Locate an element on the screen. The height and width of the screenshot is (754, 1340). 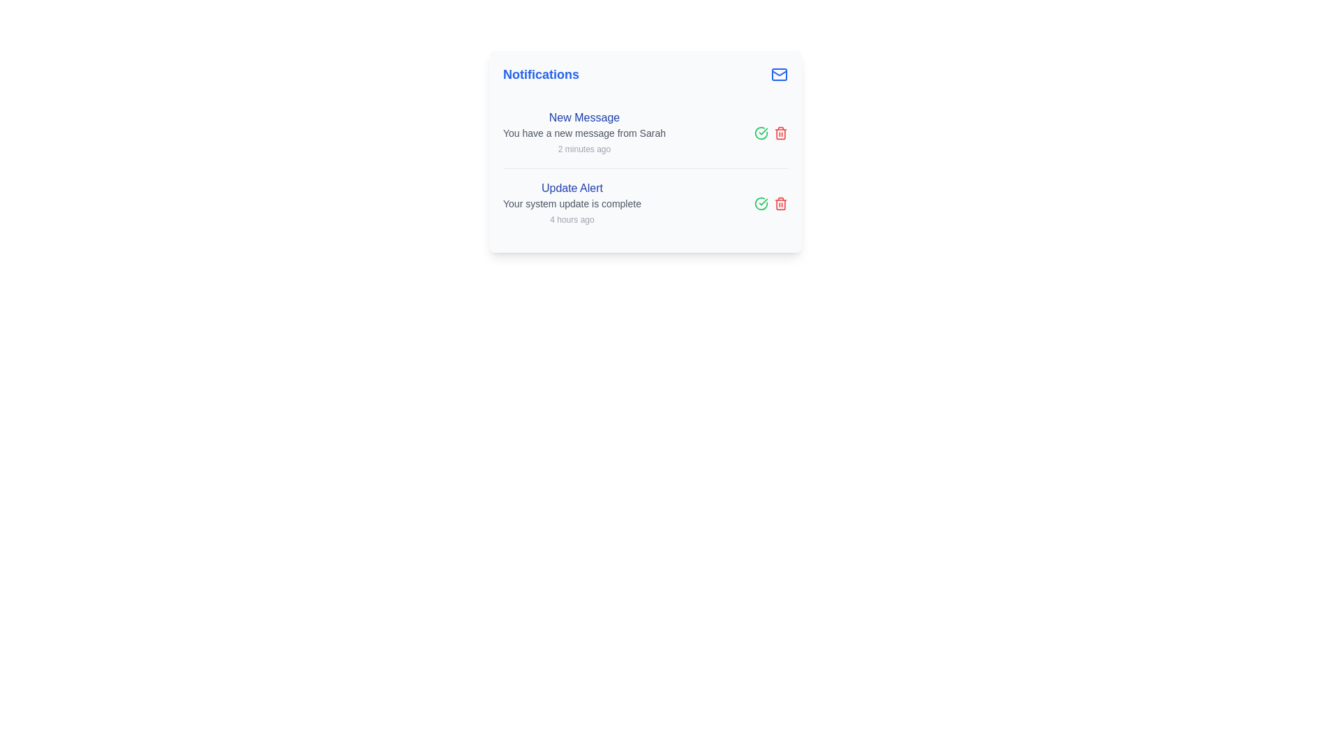
the green tick icon in the interactive icon group located in the top-right corner of the notification card to confirm is located at coordinates (770, 133).